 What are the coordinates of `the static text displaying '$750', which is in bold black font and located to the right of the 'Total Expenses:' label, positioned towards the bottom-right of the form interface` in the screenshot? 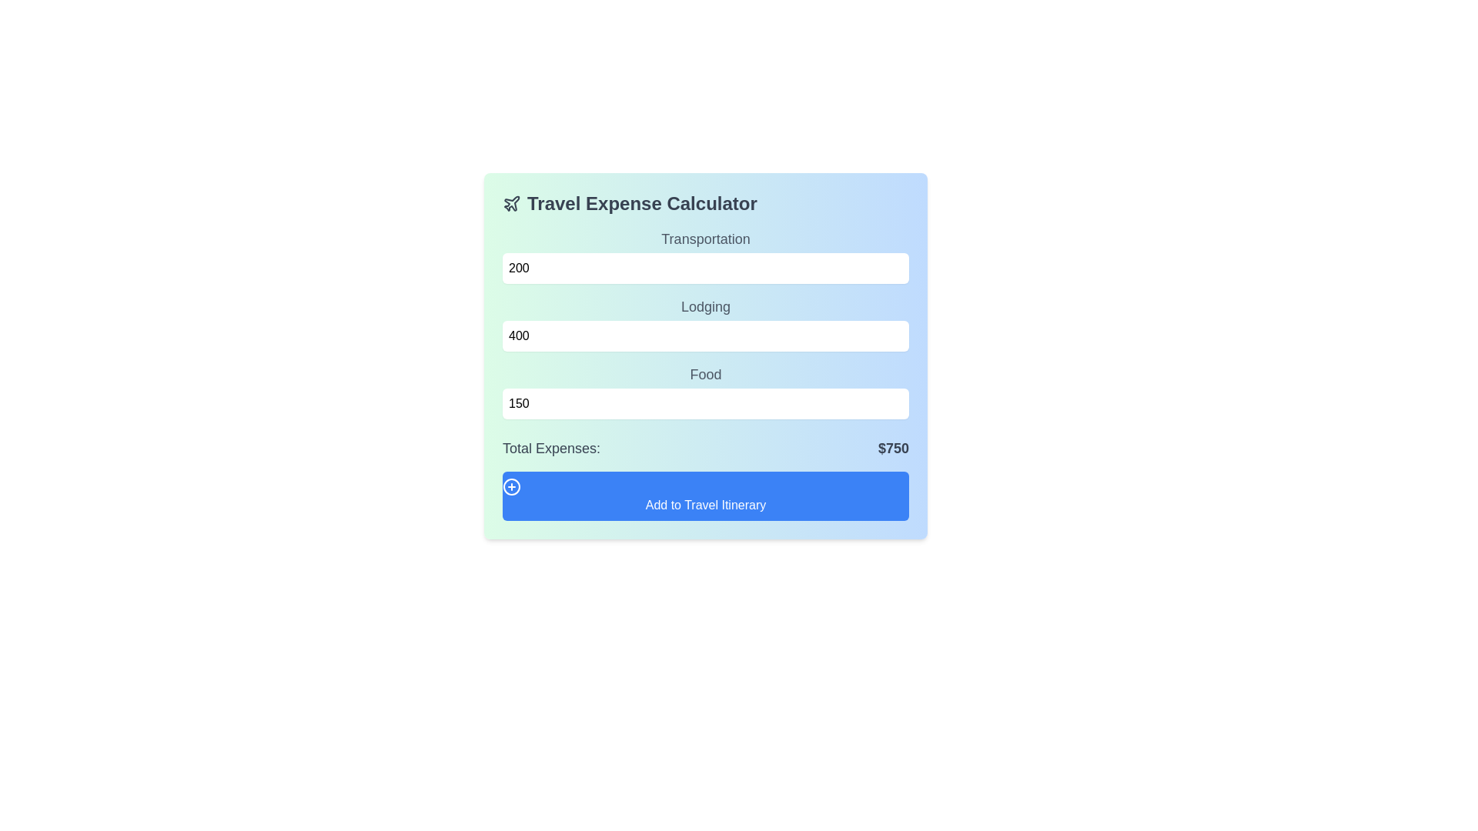 It's located at (894, 448).